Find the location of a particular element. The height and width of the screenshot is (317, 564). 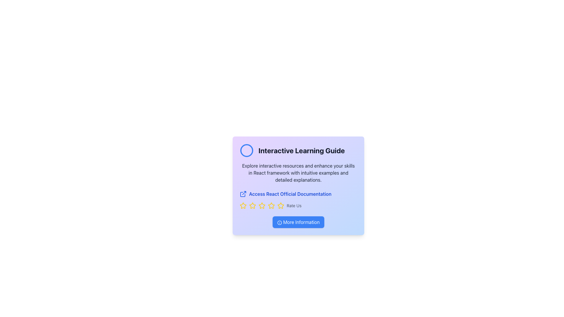

the hyperlink styled with blue font color and bold text, containing the text 'Access React Official Documentation' is located at coordinates (290, 194).